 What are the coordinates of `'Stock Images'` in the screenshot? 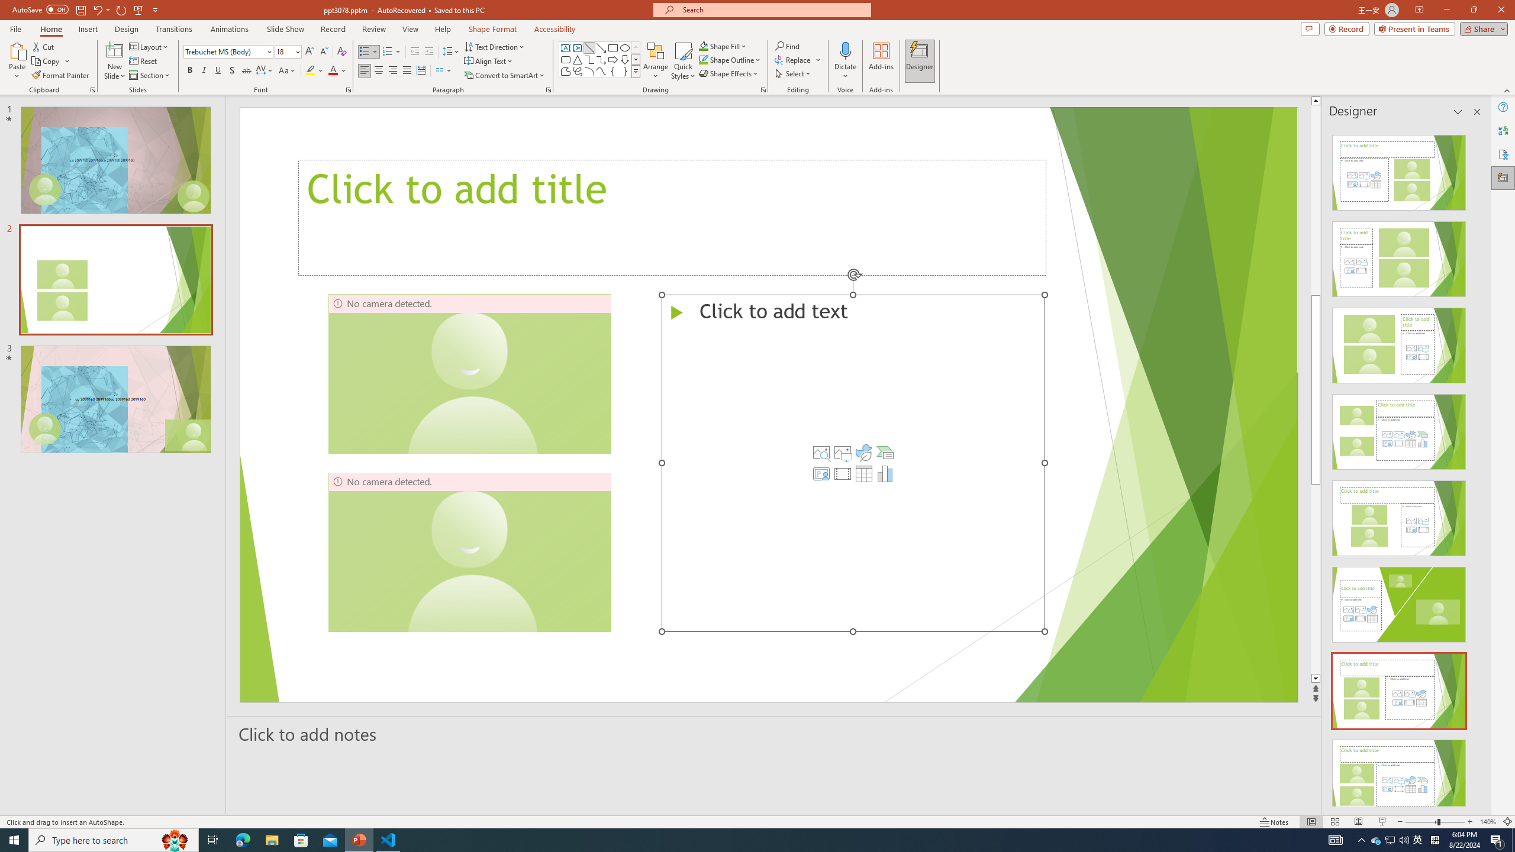 It's located at (820, 451).